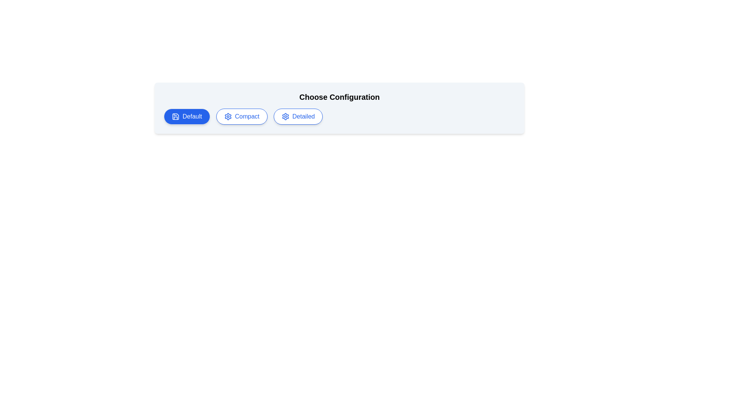 The image size is (735, 413). I want to click on the configuration option Detailed by clicking on the corresponding button, so click(298, 116).